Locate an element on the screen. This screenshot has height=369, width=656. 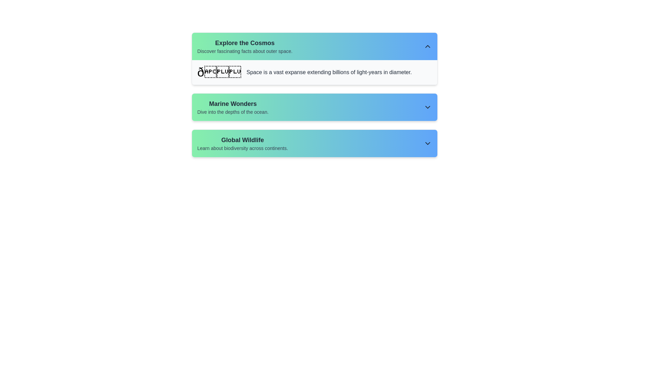
the descriptive text element that elaborates on the topic 'Explore the Cosmos', located directly below the corresponding heading in a vertical layout is located at coordinates (245, 51).